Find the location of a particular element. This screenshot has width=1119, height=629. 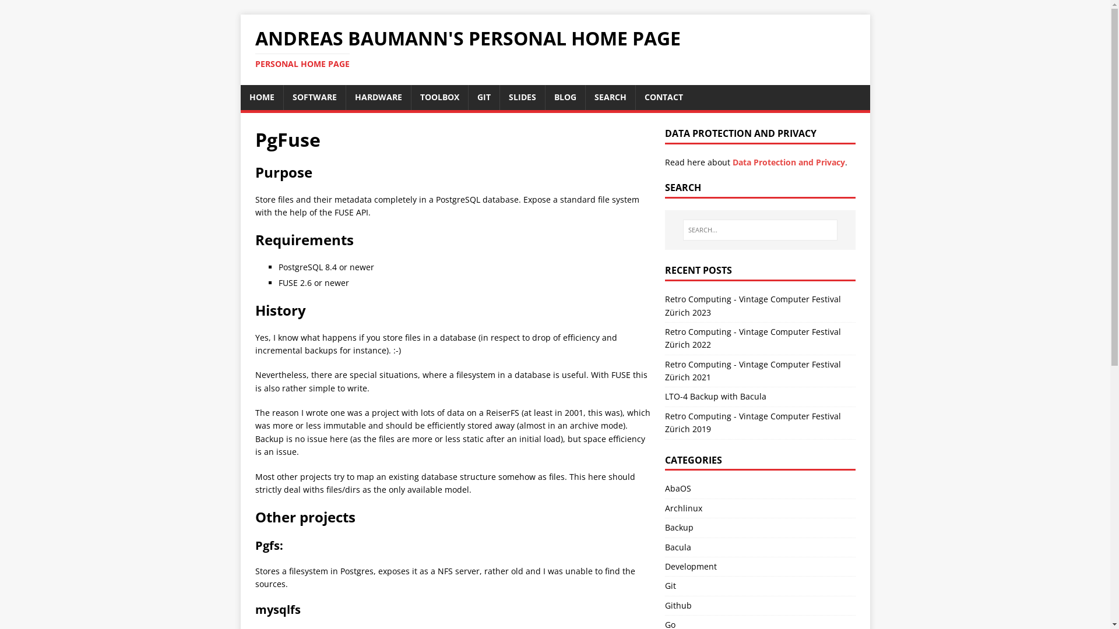

'BLOG' is located at coordinates (565, 96).